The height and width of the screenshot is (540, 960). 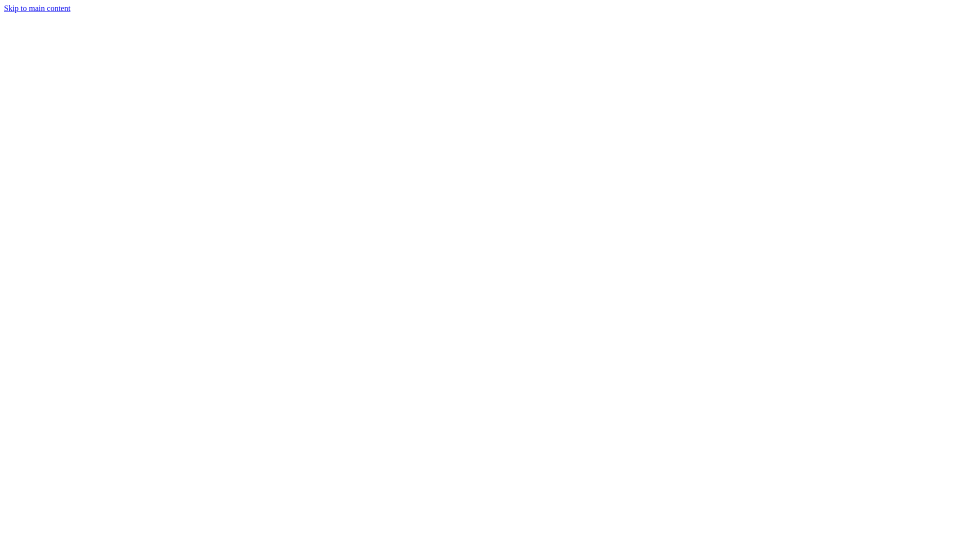 I want to click on 'Skip to main content', so click(x=4, y=8).